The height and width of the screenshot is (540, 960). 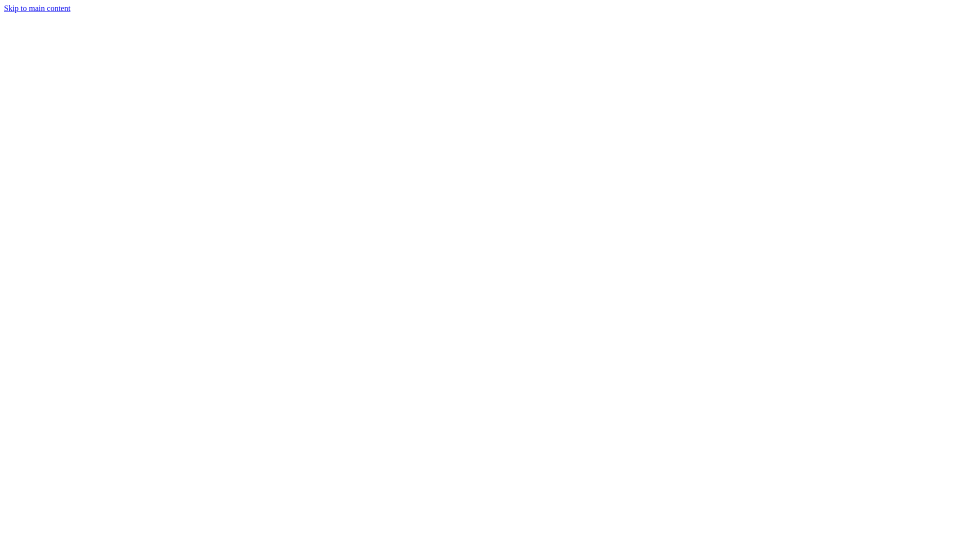 I want to click on 'Skip to main content', so click(x=4, y=8).